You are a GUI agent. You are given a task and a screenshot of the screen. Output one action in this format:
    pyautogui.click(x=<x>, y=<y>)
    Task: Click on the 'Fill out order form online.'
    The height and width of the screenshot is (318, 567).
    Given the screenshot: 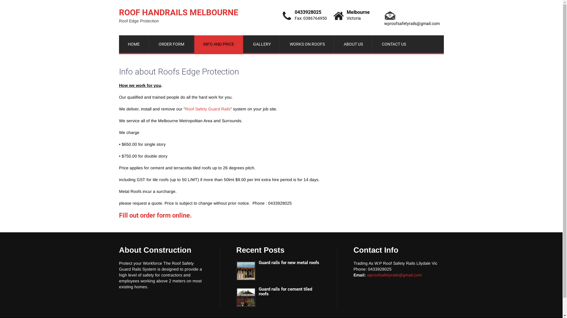 What is the action you would take?
    pyautogui.click(x=155, y=215)
    